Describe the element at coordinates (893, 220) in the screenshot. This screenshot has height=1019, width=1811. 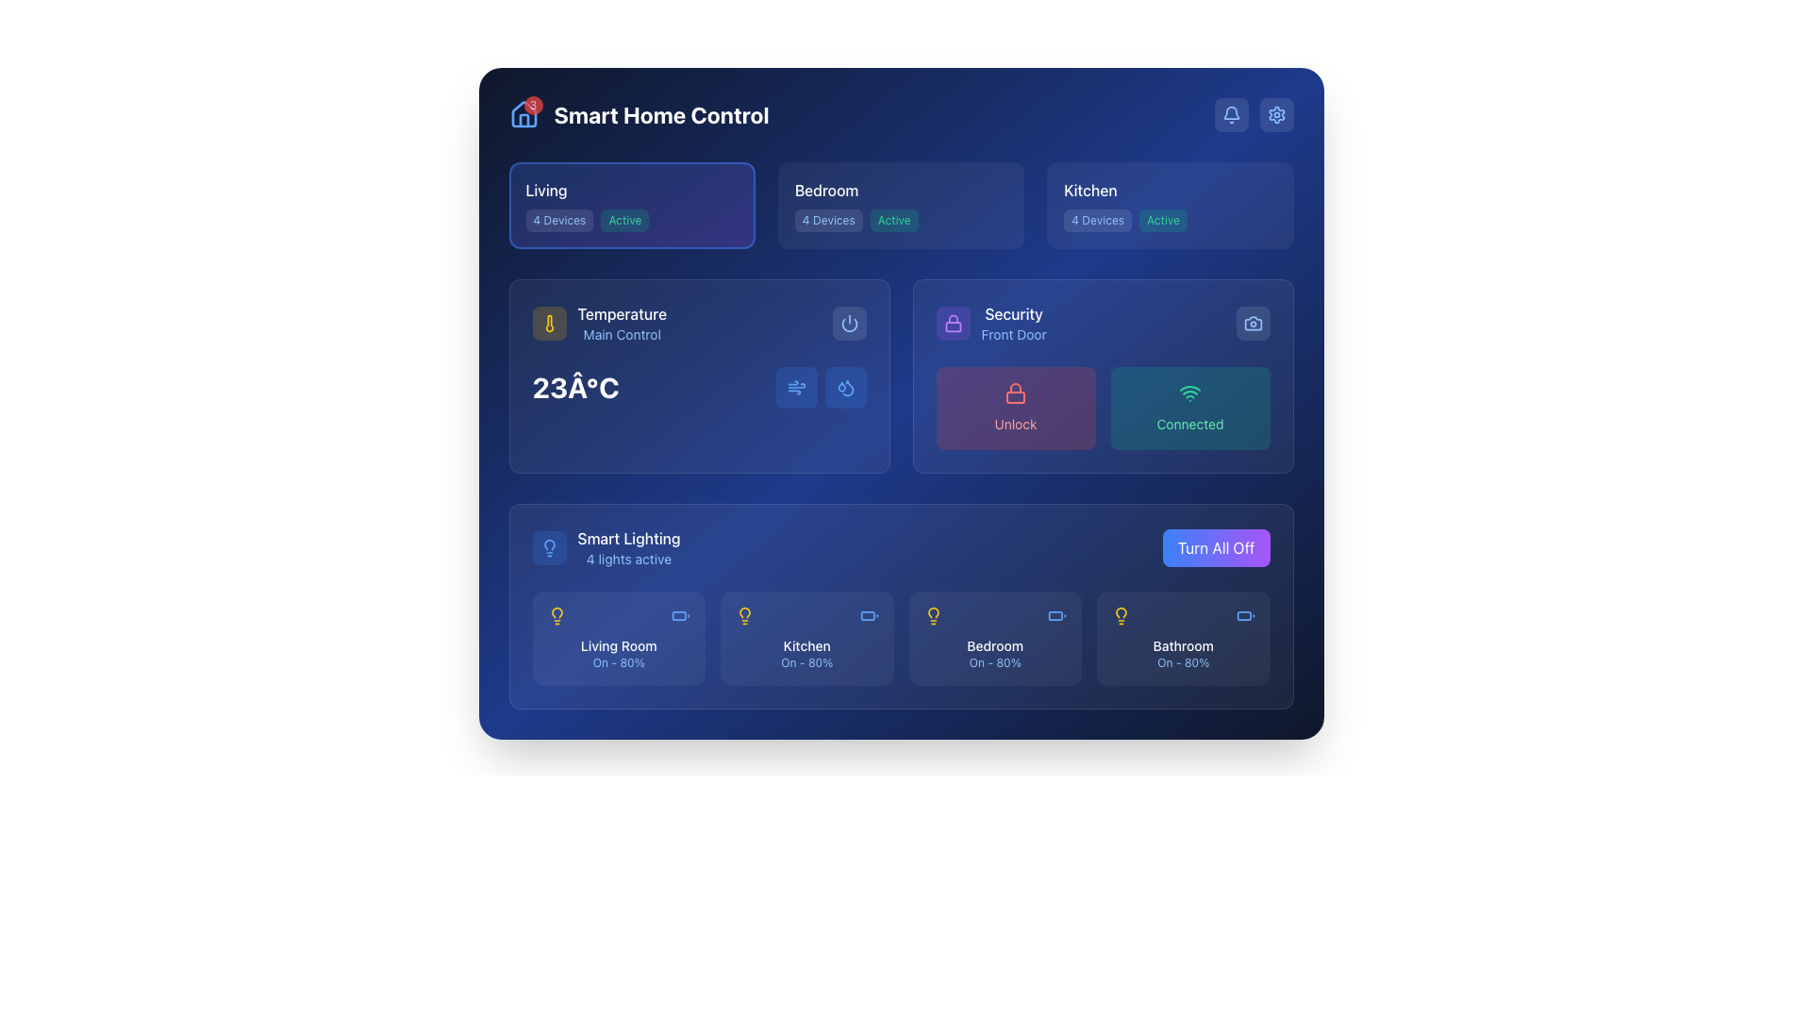
I see `the 'Active' label, which is a small rectangular badge with rounded corners, light green background, and green text, situated to the right of the '4 Devices' label in the Smart Home Control interface` at that location.